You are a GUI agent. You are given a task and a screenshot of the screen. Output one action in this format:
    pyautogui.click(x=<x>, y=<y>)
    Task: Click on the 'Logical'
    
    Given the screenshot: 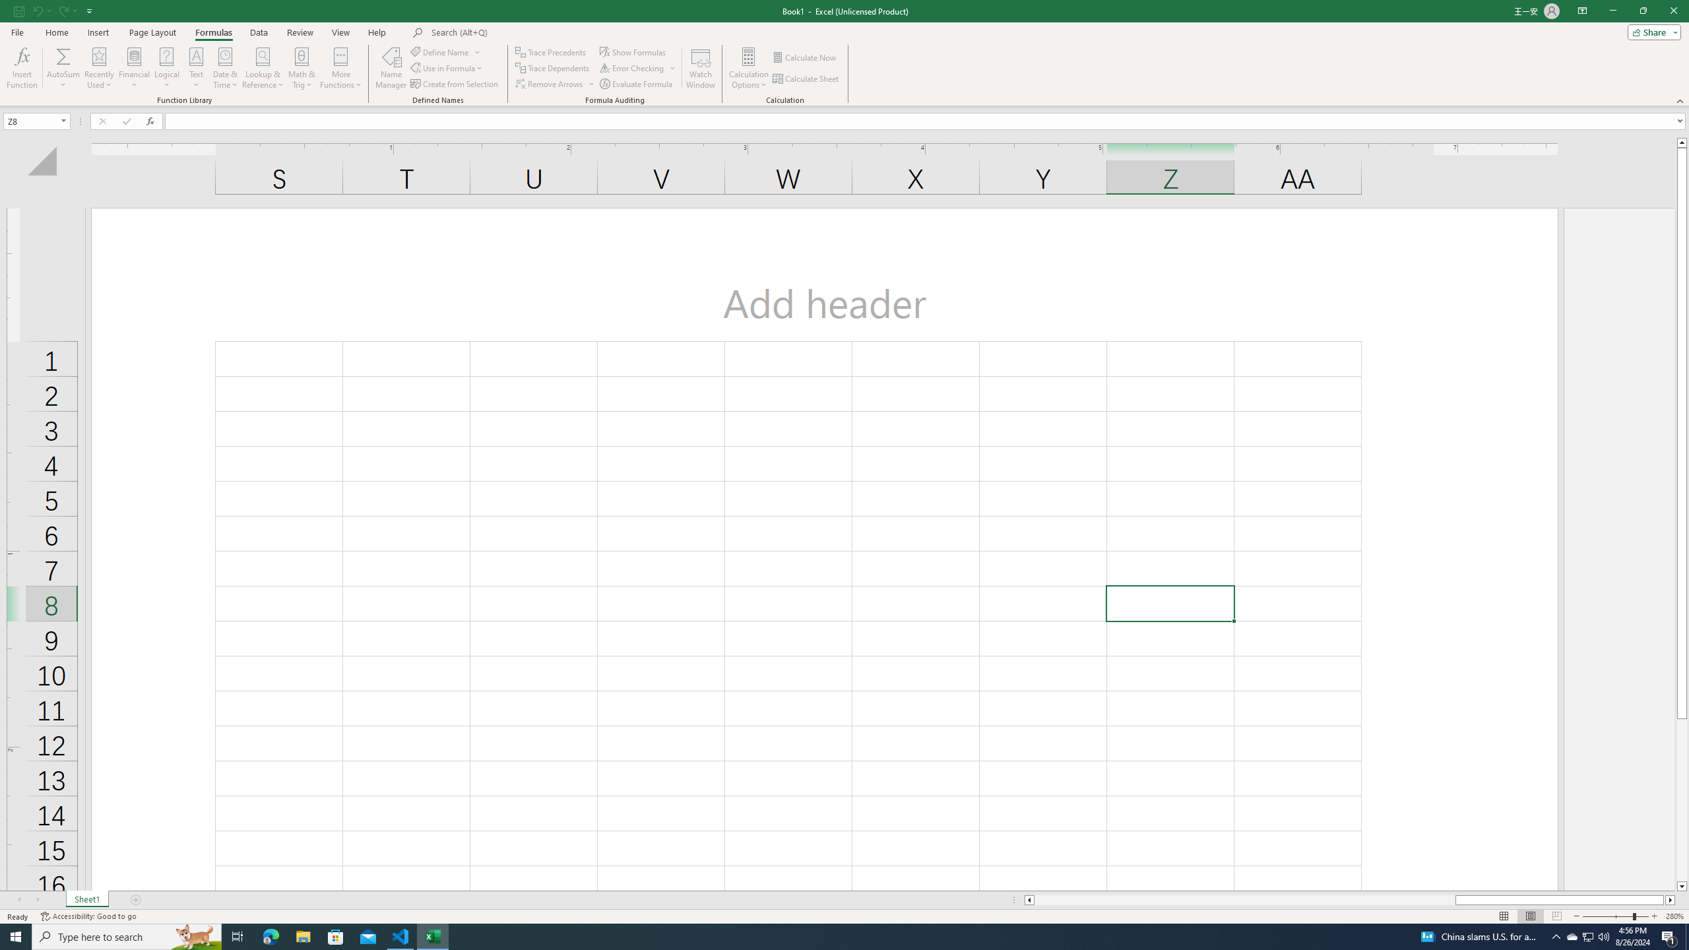 What is the action you would take?
    pyautogui.click(x=166, y=68)
    